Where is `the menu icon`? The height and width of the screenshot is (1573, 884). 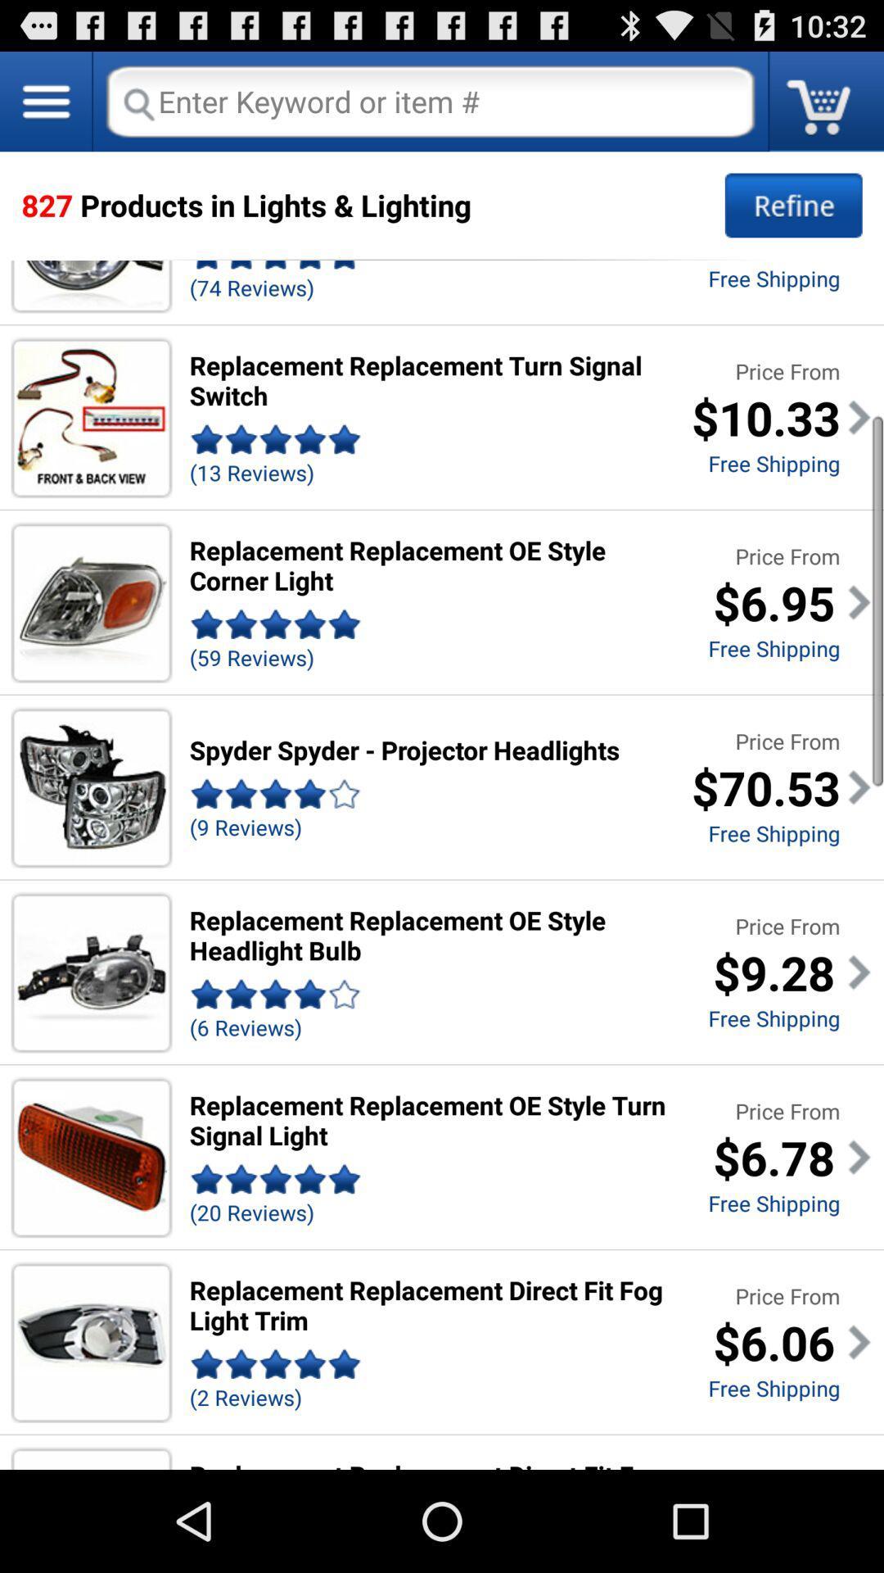
the menu icon is located at coordinates (46, 107).